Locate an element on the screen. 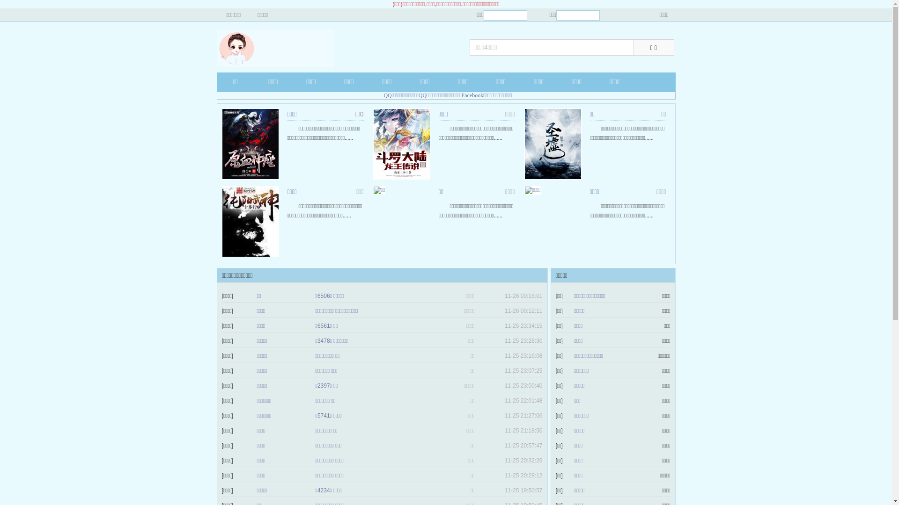 The width and height of the screenshot is (899, 505). 'Facebook' is located at coordinates (472, 95).